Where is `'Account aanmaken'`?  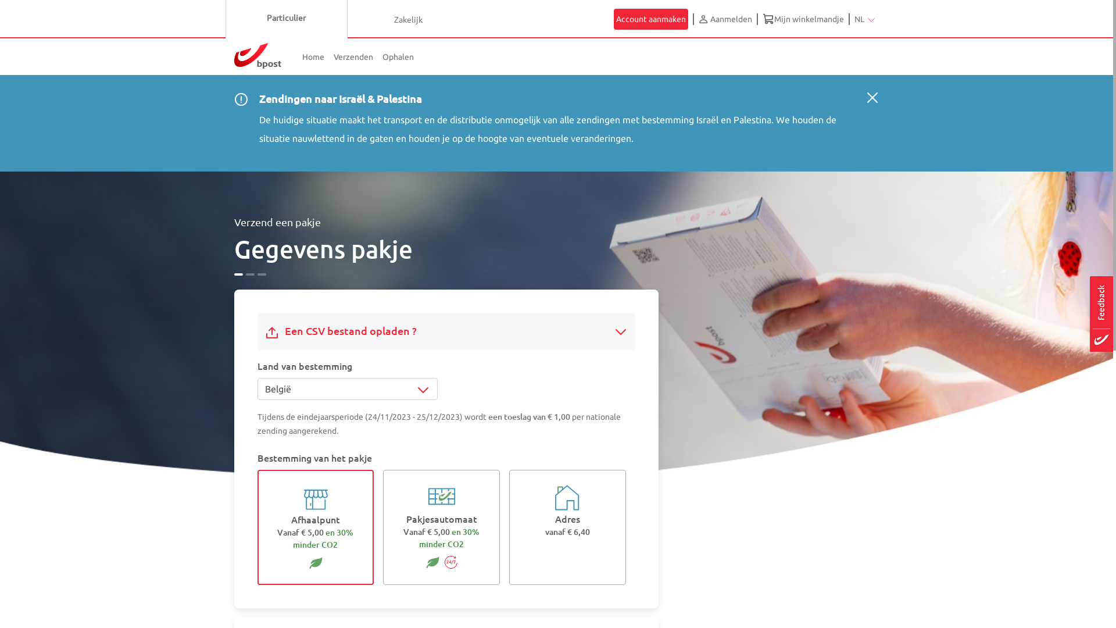 'Account aanmaken' is located at coordinates (650, 19).